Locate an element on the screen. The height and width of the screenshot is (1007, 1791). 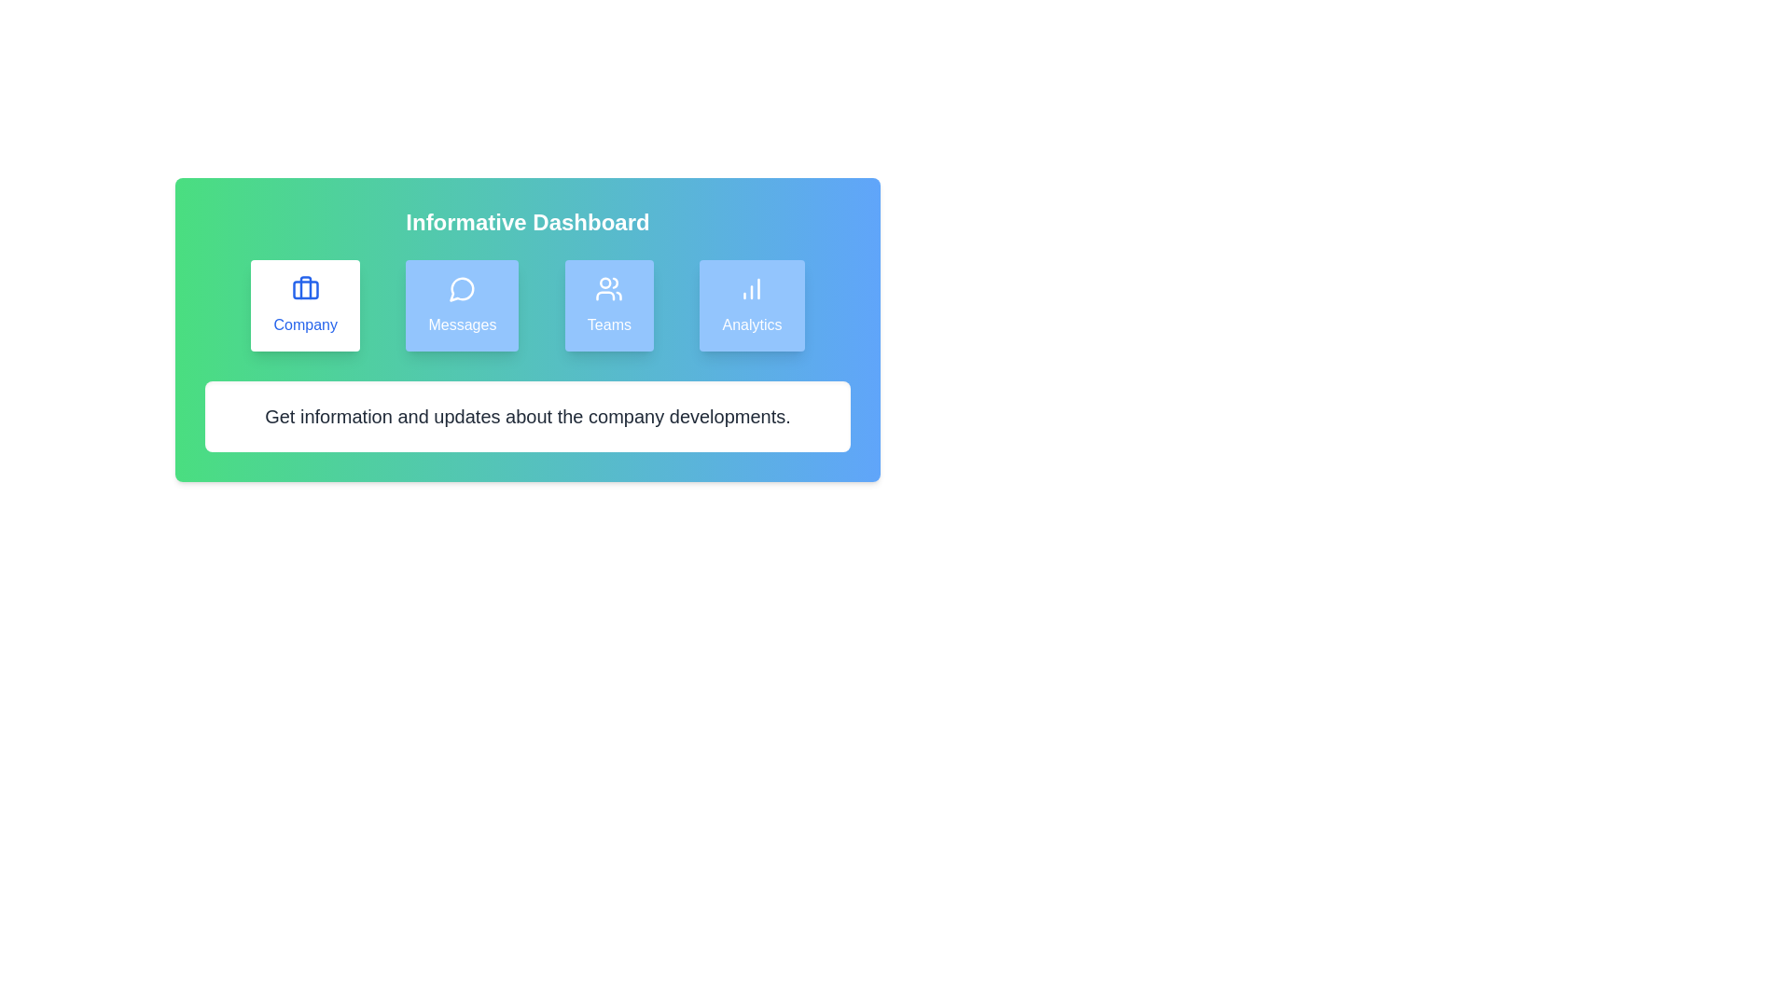
the decorative vertical line element within the suitcase icon located in the 'Company' button on the left side of the interface is located at coordinates (305, 287).